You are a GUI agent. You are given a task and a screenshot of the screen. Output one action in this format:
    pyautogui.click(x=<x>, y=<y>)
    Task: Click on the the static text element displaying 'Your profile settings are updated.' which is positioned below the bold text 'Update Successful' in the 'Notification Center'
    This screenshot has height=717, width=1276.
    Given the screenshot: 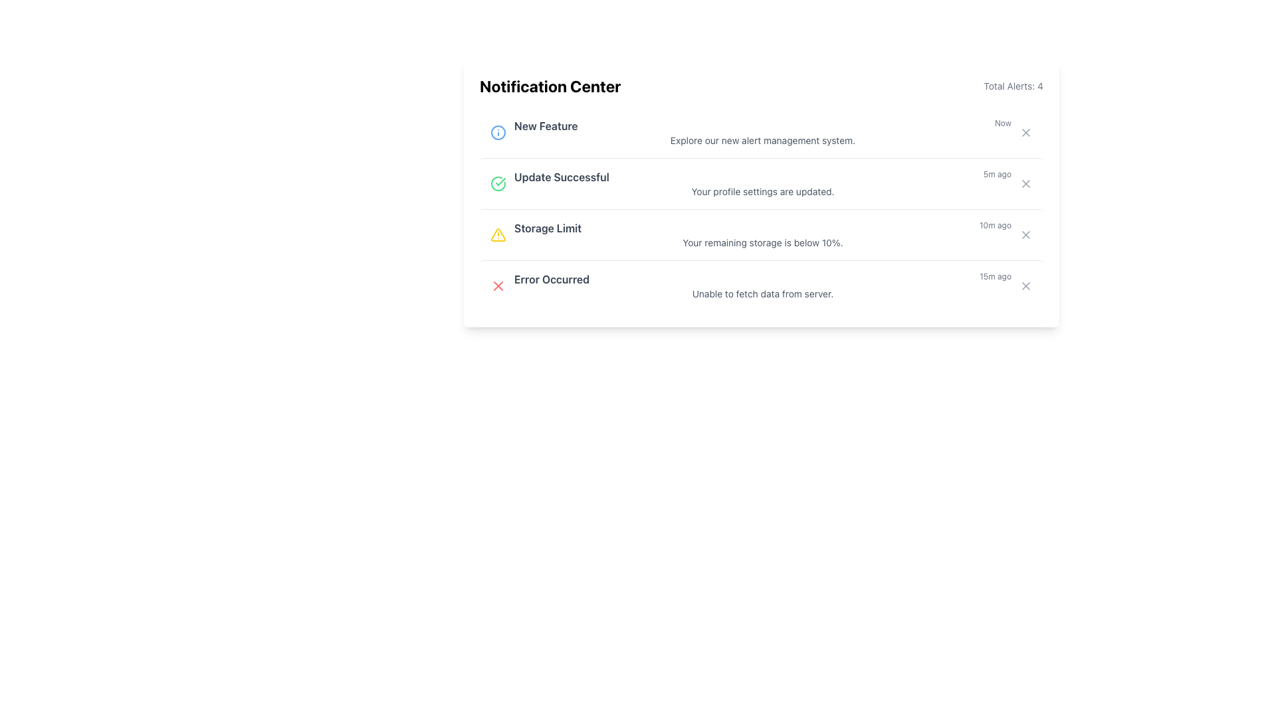 What is the action you would take?
    pyautogui.click(x=762, y=192)
    